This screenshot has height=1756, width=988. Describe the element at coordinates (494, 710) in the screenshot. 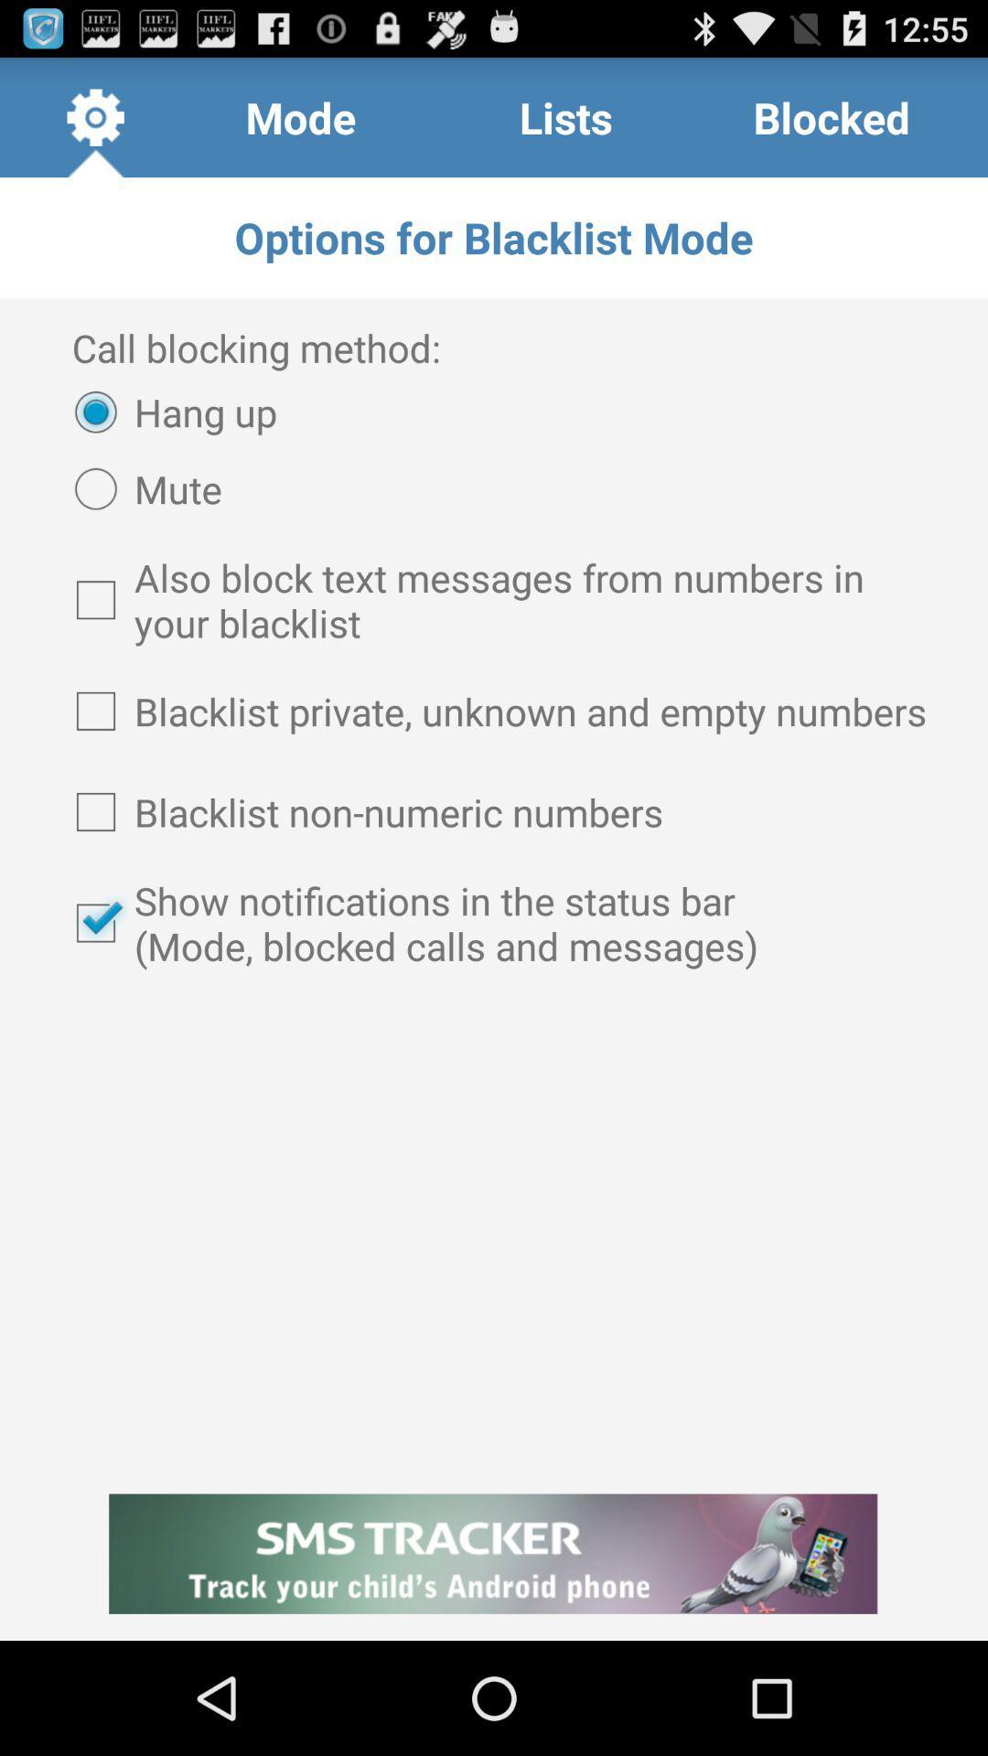

I see `blacklist private unknown` at that location.